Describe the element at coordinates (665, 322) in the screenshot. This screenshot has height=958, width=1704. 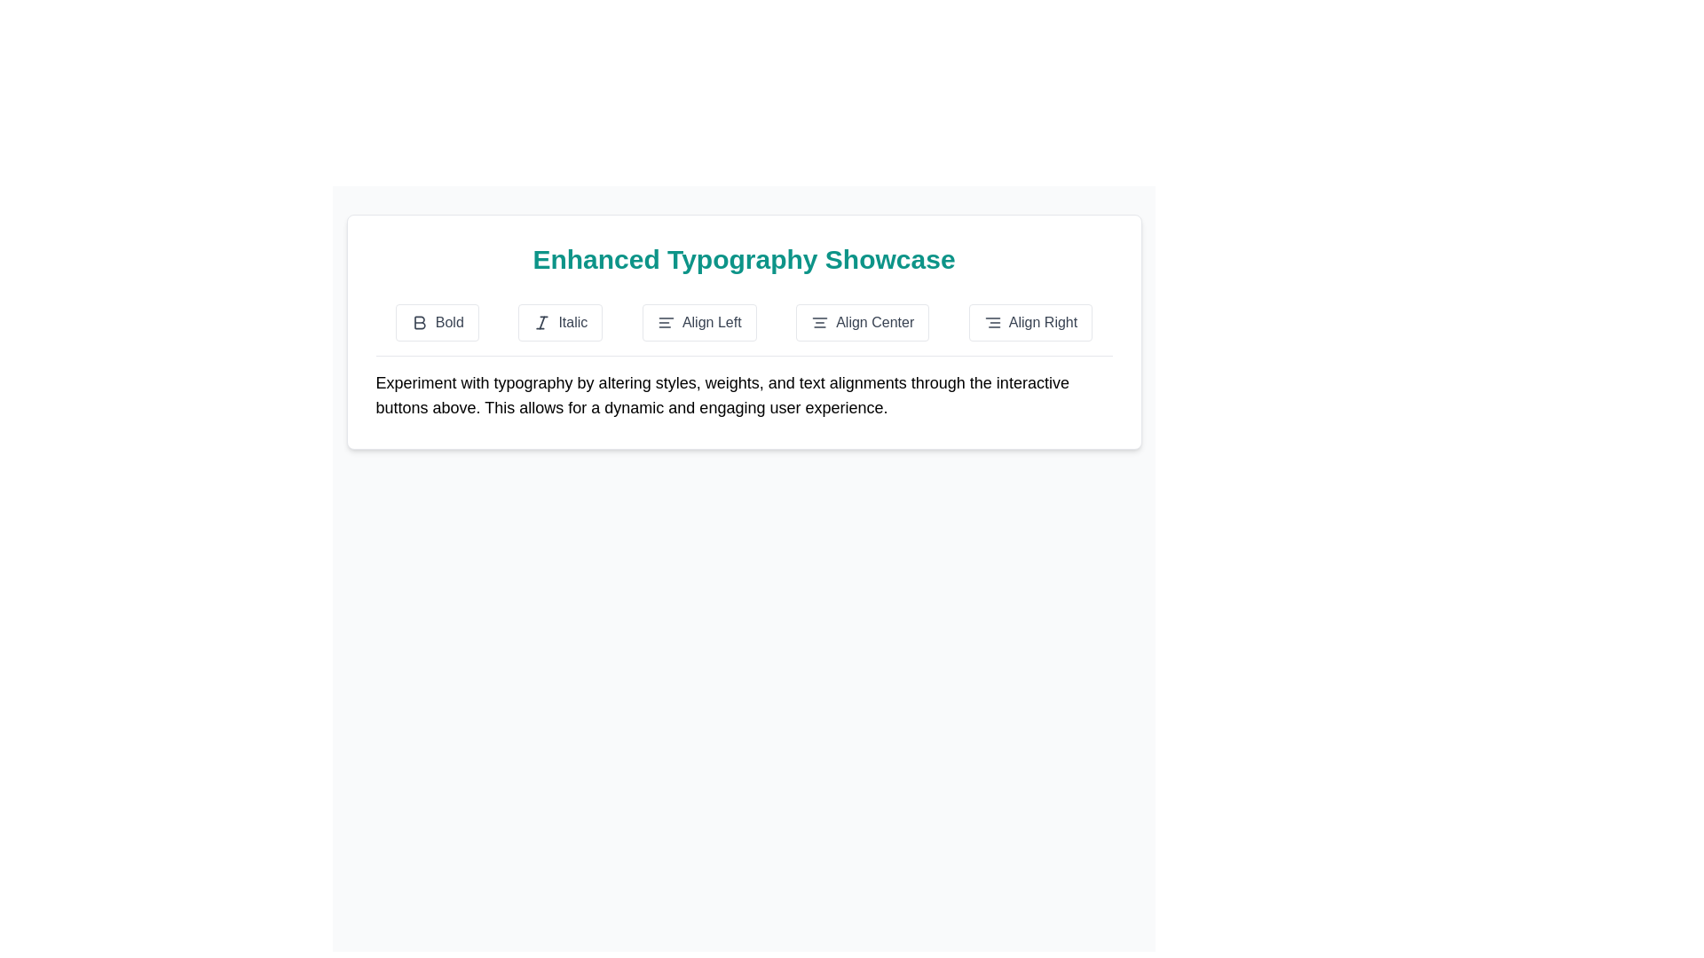
I see `the 'Align Left' button icon which is represented by three left-aligned horizontal lines in dark-gray color, located between the 'Italic' and 'Align Center' buttons` at that location.